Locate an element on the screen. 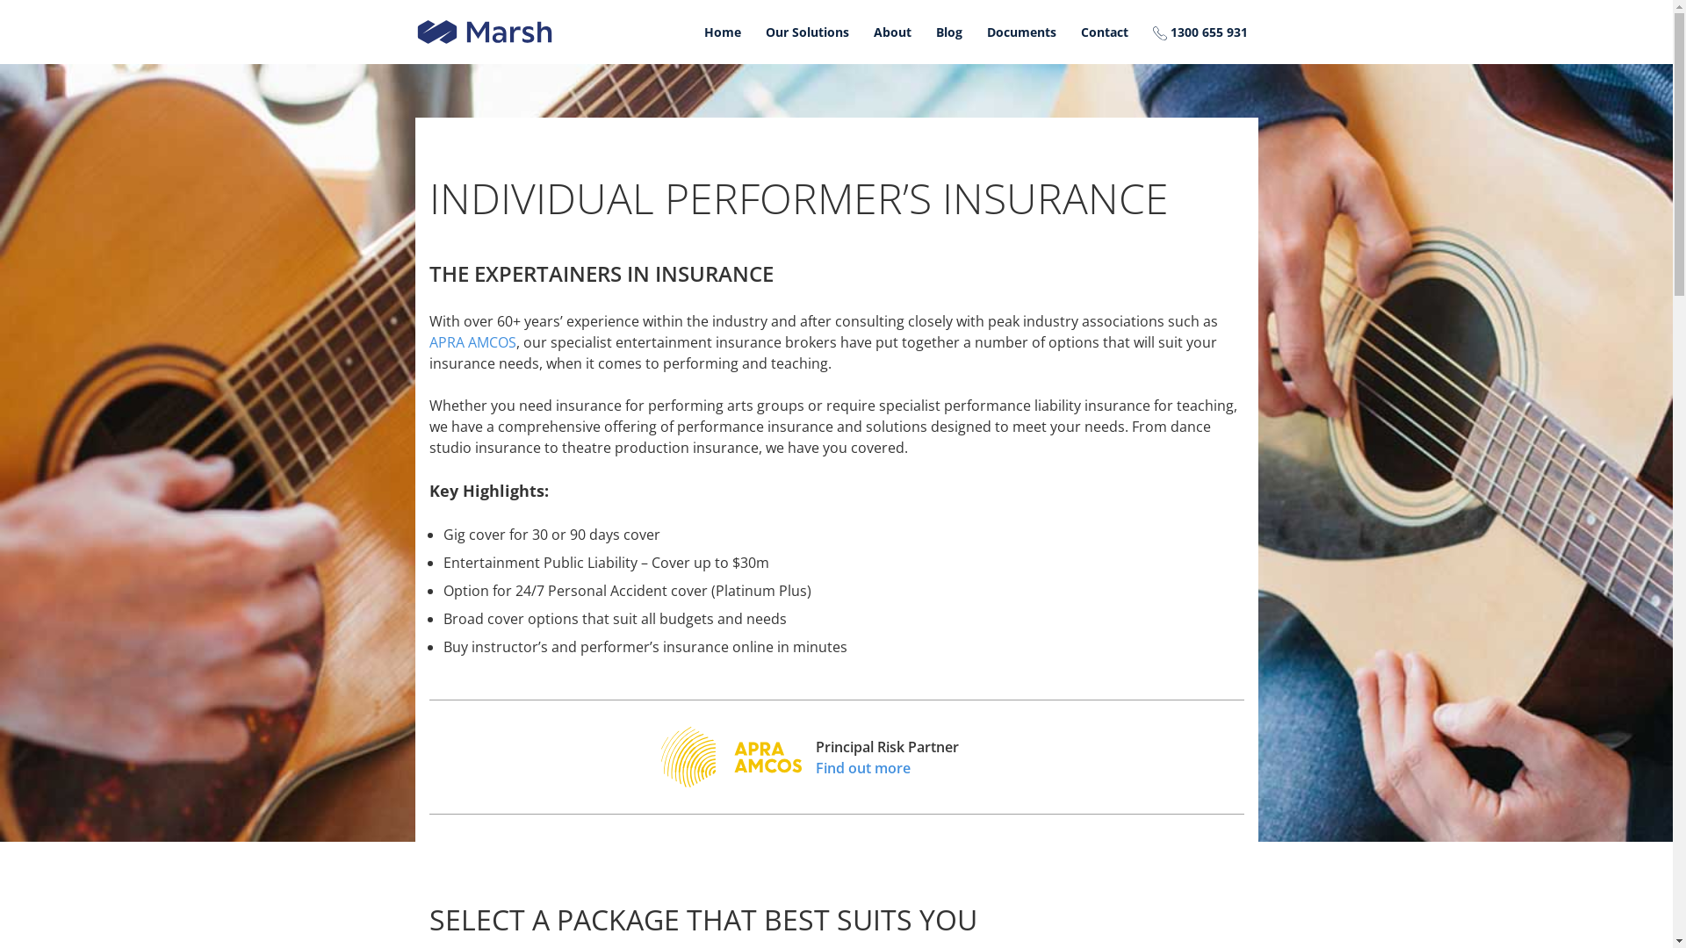 Image resolution: width=1686 pixels, height=948 pixels. 'About' is located at coordinates (892, 32).